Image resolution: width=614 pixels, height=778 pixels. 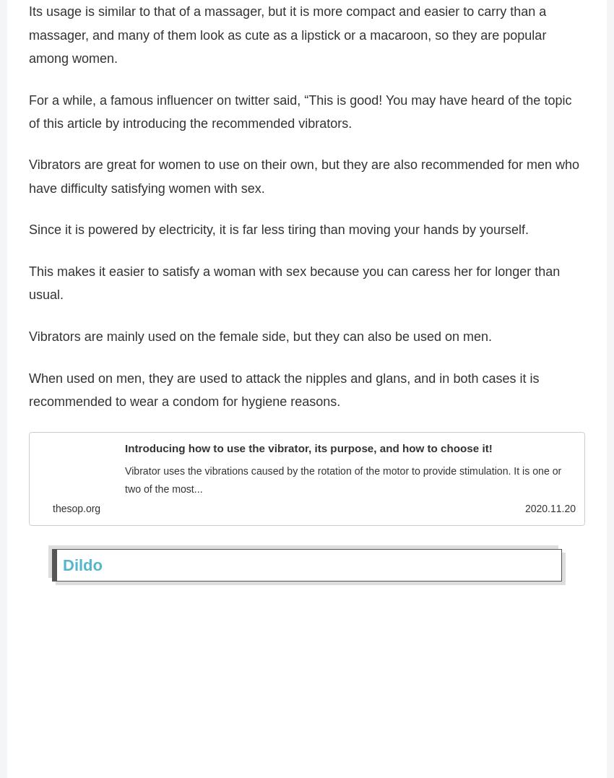 I want to click on 'Introducing how to use the vibrator, its purpose, and how to choose it!', so click(x=308, y=452).